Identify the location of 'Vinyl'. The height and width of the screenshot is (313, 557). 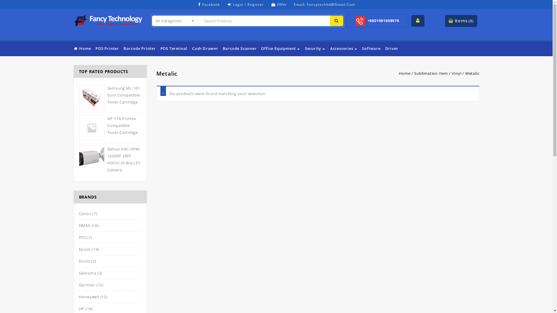
(456, 73).